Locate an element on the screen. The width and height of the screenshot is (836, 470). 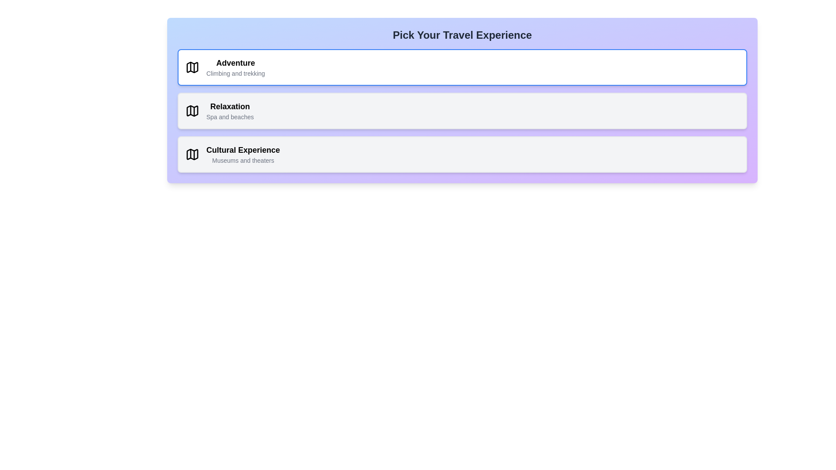
the 'Adventure' icon located to the left of the 'Adventure' title in the vertical list of options is located at coordinates (192, 67).